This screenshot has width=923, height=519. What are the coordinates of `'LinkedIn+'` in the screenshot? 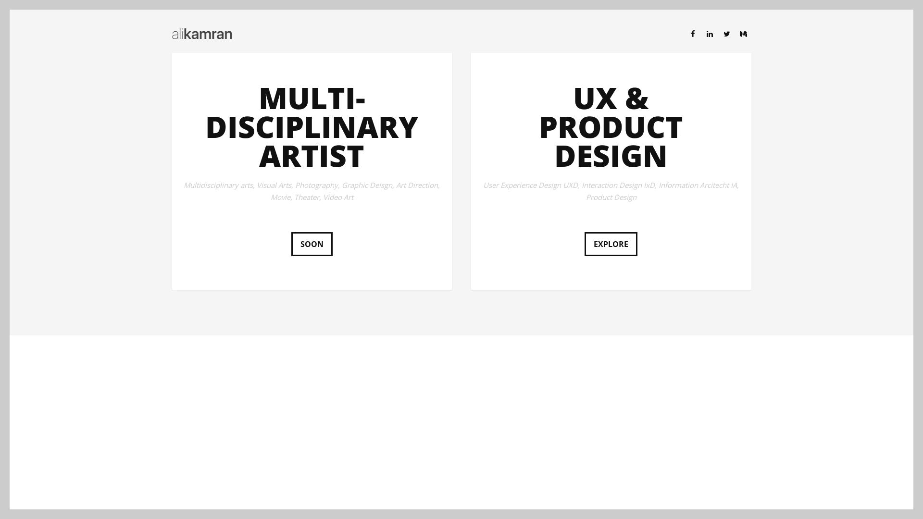 It's located at (710, 33).